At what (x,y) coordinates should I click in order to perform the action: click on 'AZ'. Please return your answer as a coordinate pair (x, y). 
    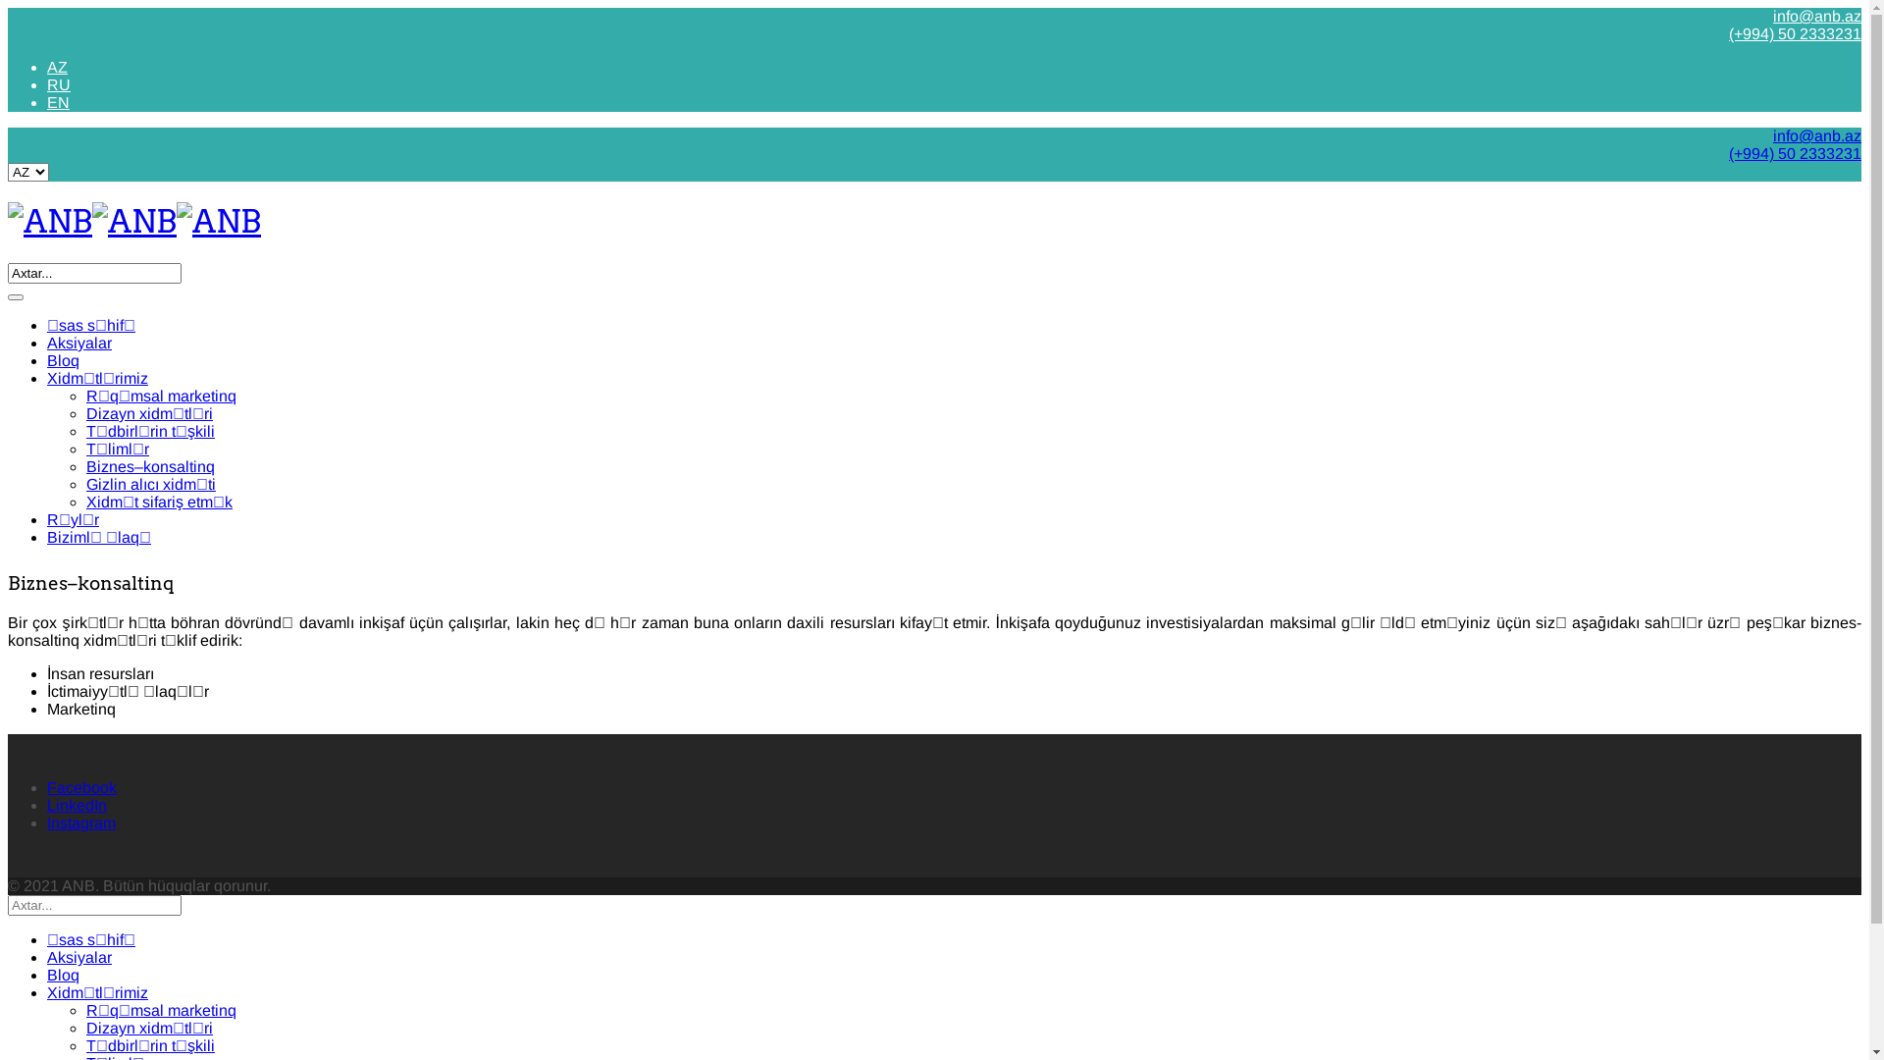
    Looking at the image, I should click on (57, 66).